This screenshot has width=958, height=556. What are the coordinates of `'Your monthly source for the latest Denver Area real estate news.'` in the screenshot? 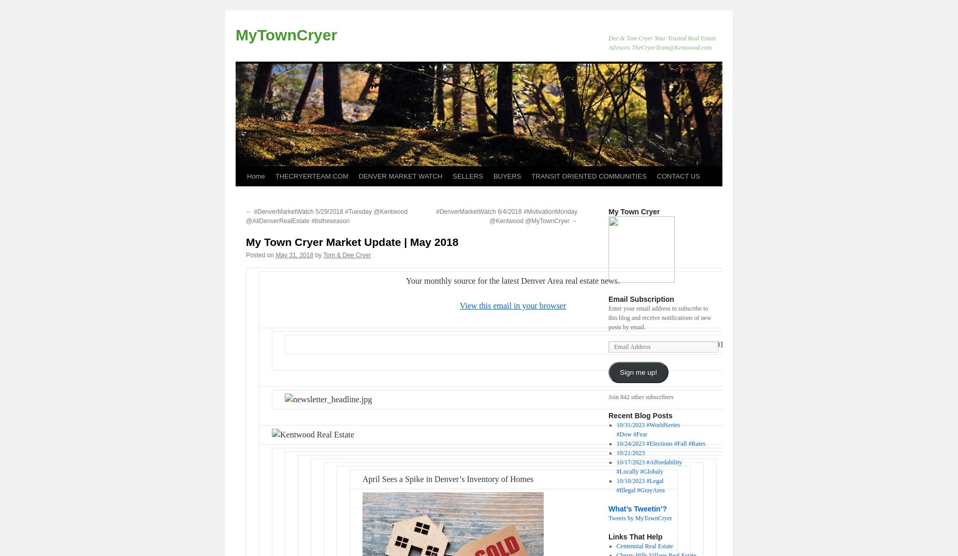 It's located at (512, 280).